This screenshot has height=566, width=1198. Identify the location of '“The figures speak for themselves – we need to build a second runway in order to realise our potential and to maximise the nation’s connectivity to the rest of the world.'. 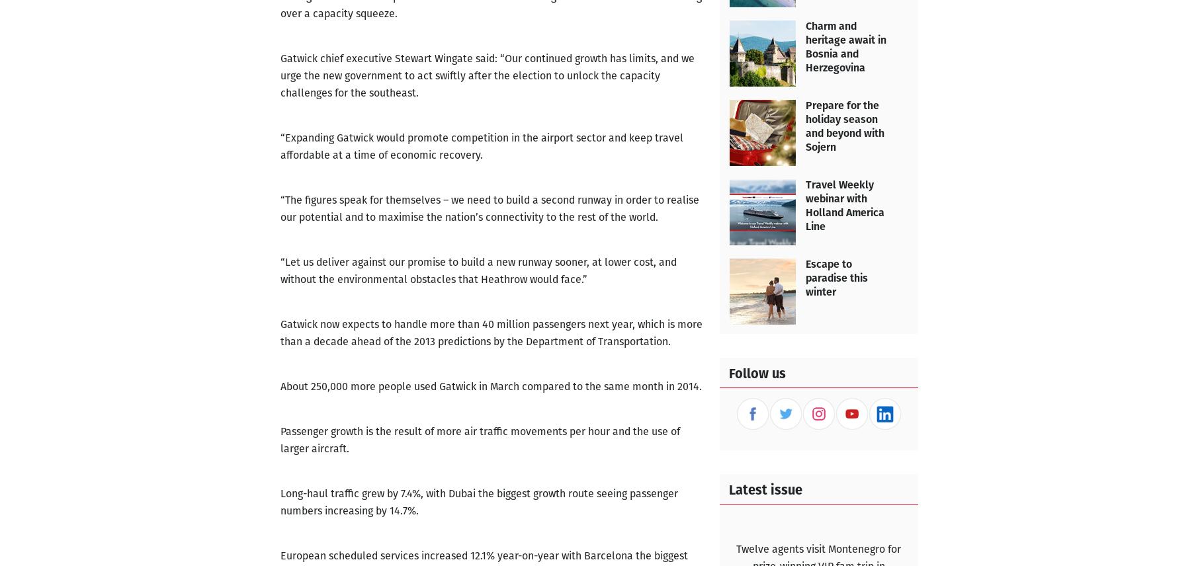
(488, 209).